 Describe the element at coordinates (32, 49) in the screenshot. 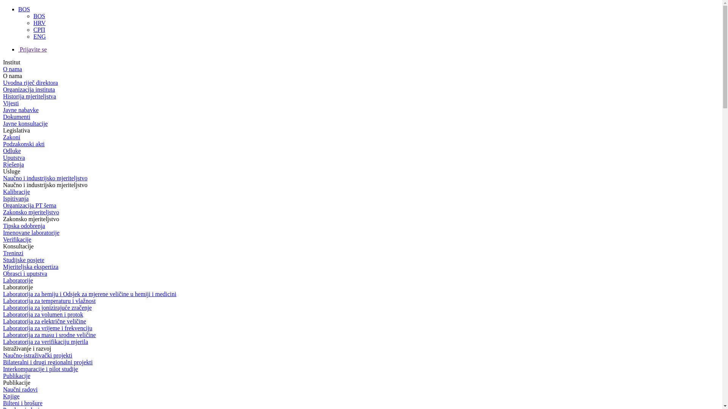

I see `' Prijavite se'` at that location.